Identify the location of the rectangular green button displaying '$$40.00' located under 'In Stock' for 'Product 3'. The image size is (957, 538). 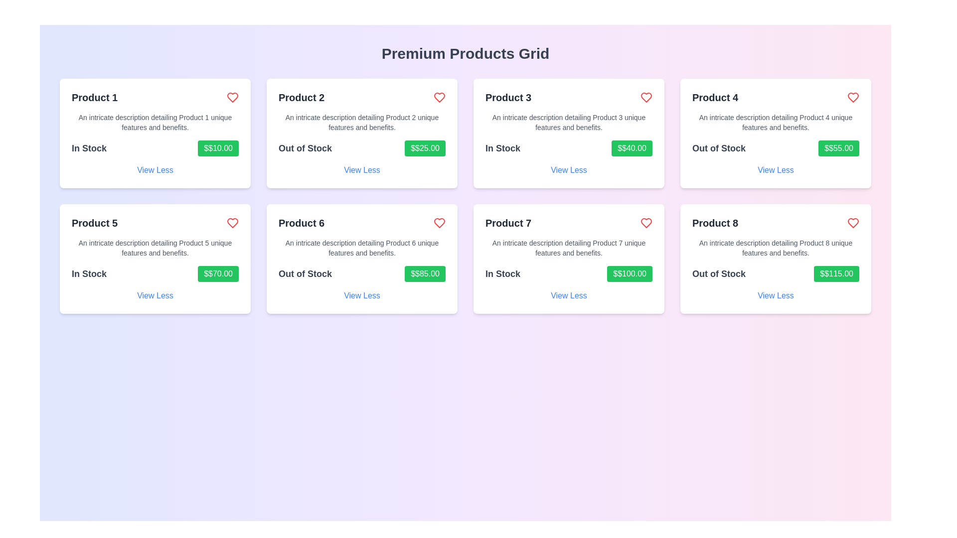
(632, 148).